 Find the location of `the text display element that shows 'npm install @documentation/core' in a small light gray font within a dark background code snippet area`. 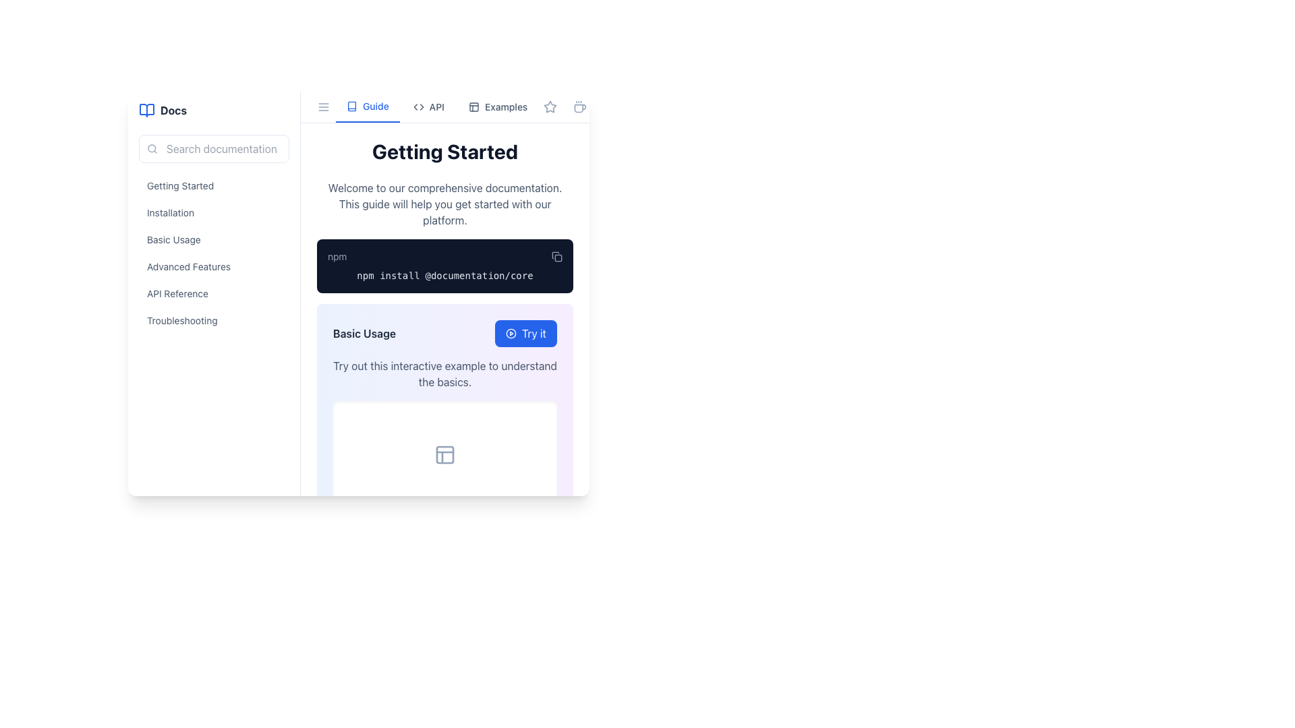

the text display element that shows 'npm install @documentation/core' in a small light gray font within a dark background code snippet area is located at coordinates (445, 274).